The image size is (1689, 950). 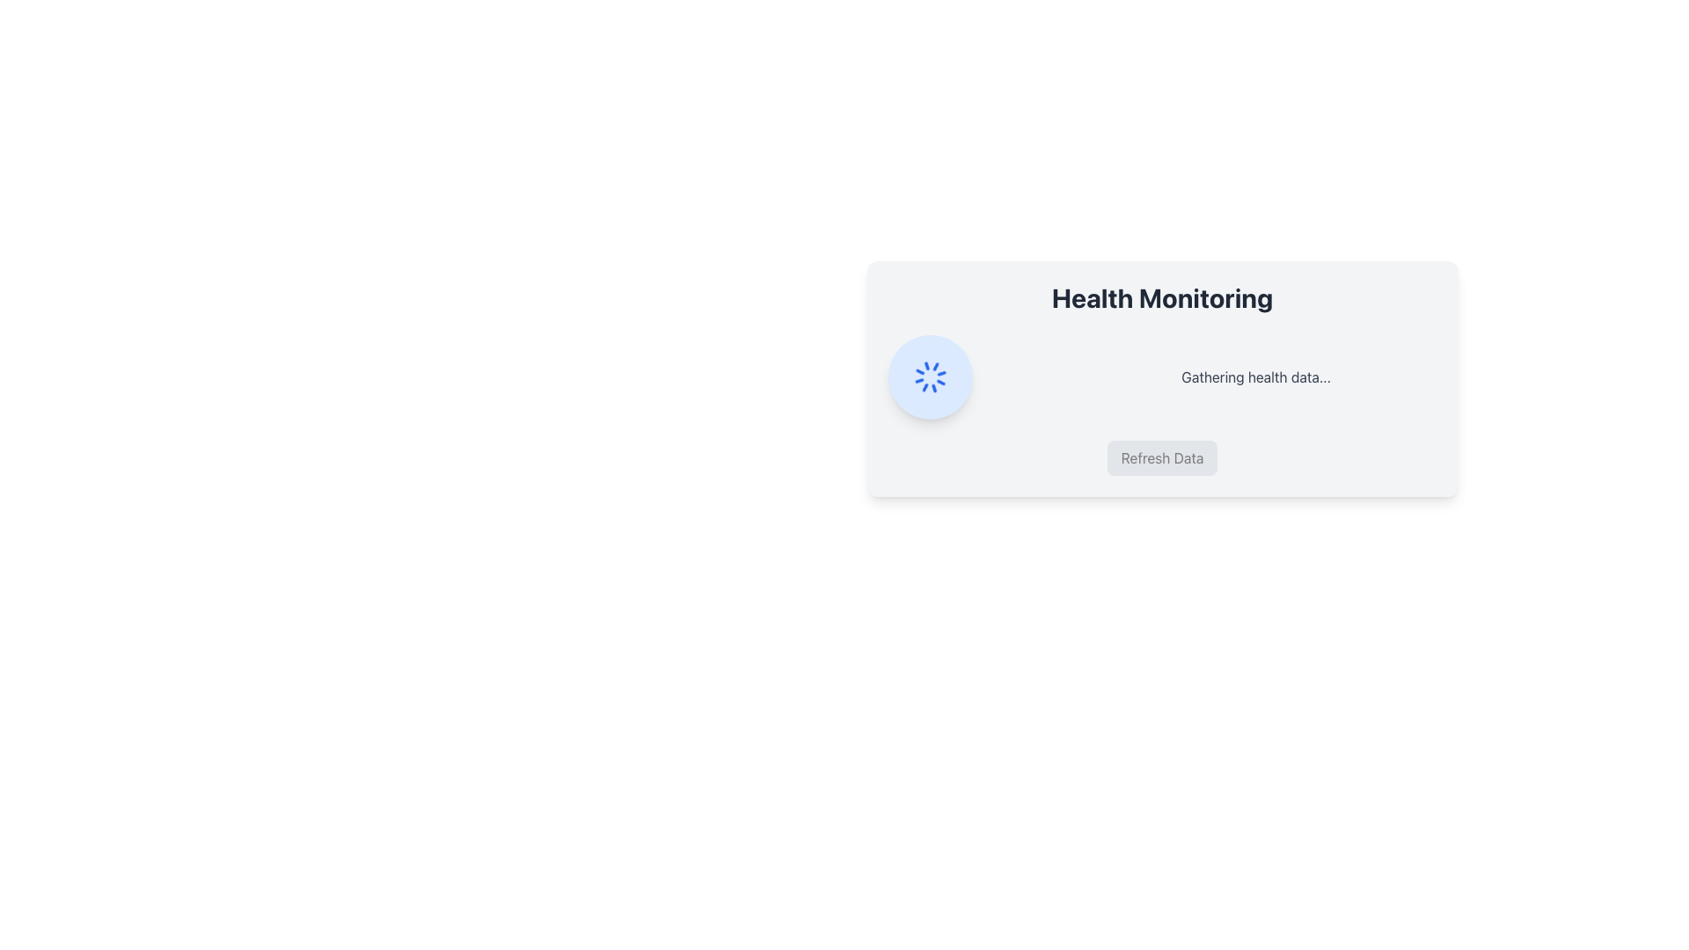 What do you see at coordinates (929, 376) in the screenshot?
I see `the loading spinner, which is a circular component with a light blue background and a centered spinning icon, located on the left side above the 'Gathering health data...' text` at bounding box center [929, 376].